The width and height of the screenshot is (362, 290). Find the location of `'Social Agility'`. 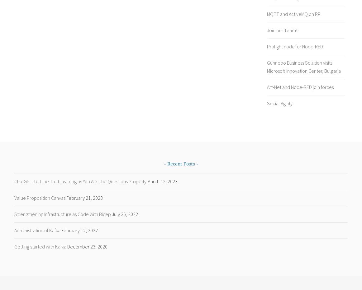

'Social Agility' is located at coordinates (267, 103).